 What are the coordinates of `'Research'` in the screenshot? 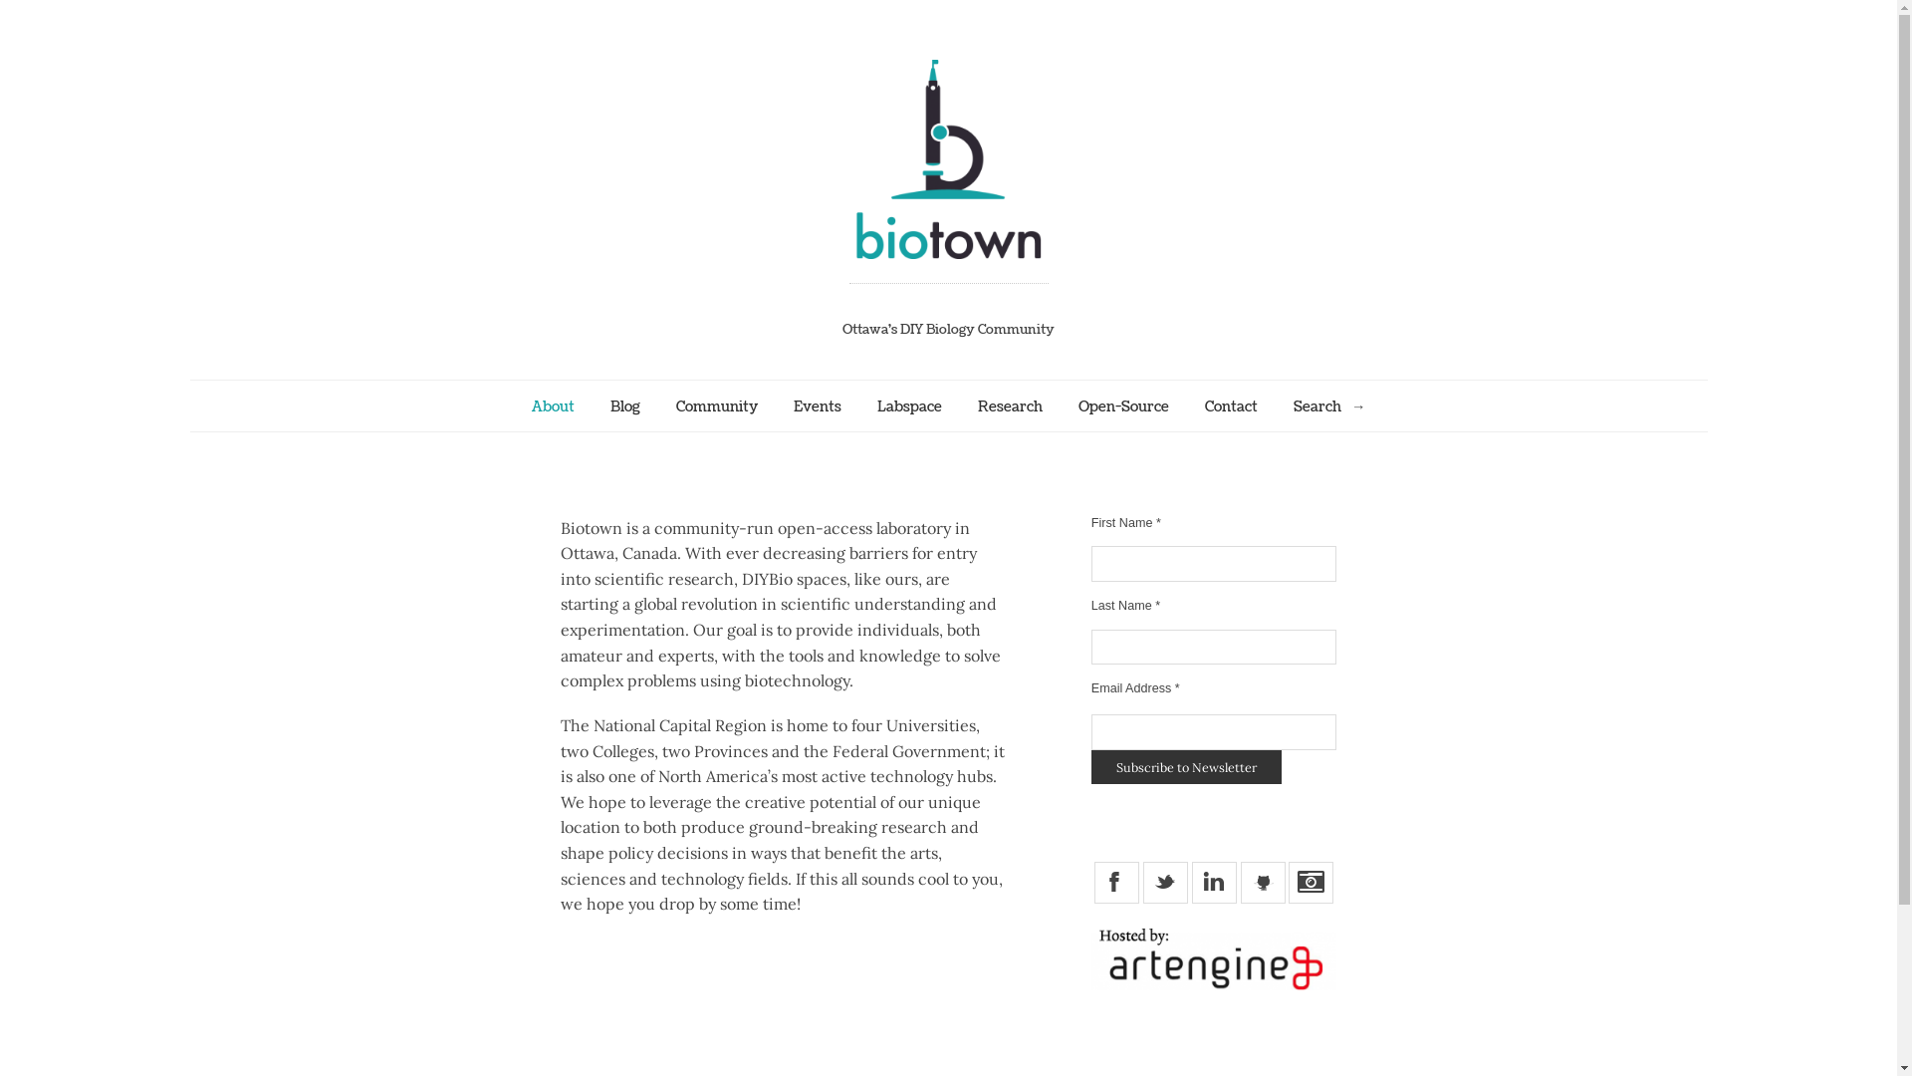 It's located at (1010, 405).